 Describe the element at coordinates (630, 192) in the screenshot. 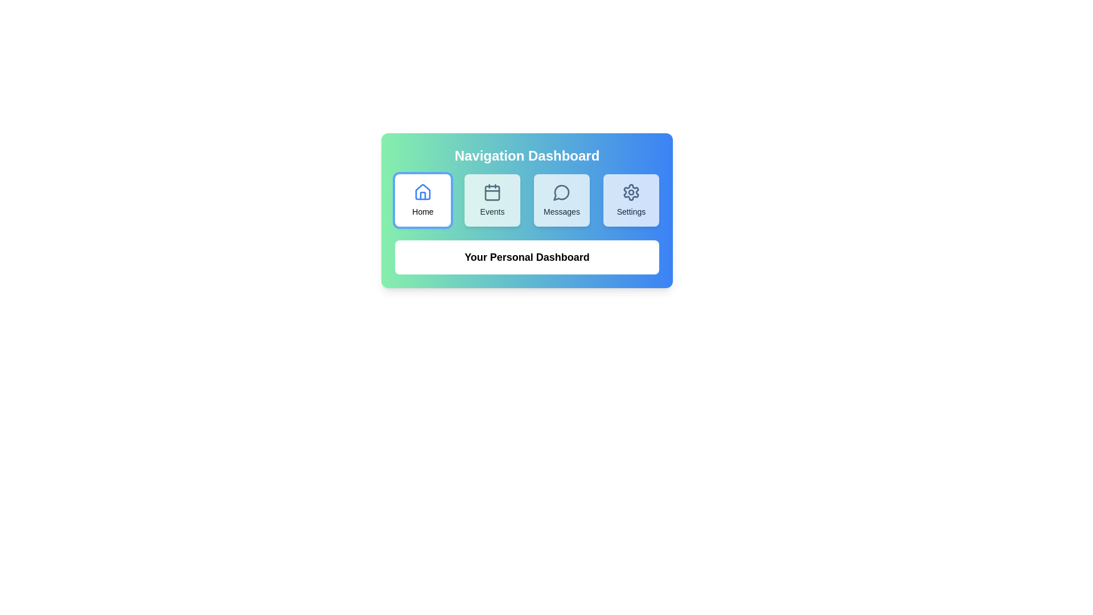

I see `the settings icon located as the fourth item from the left in the navigation segment` at that location.